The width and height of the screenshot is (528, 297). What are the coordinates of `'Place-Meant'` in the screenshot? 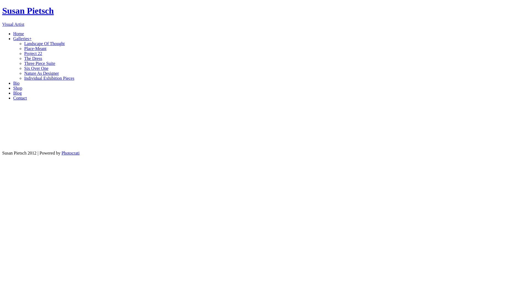 It's located at (35, 48).